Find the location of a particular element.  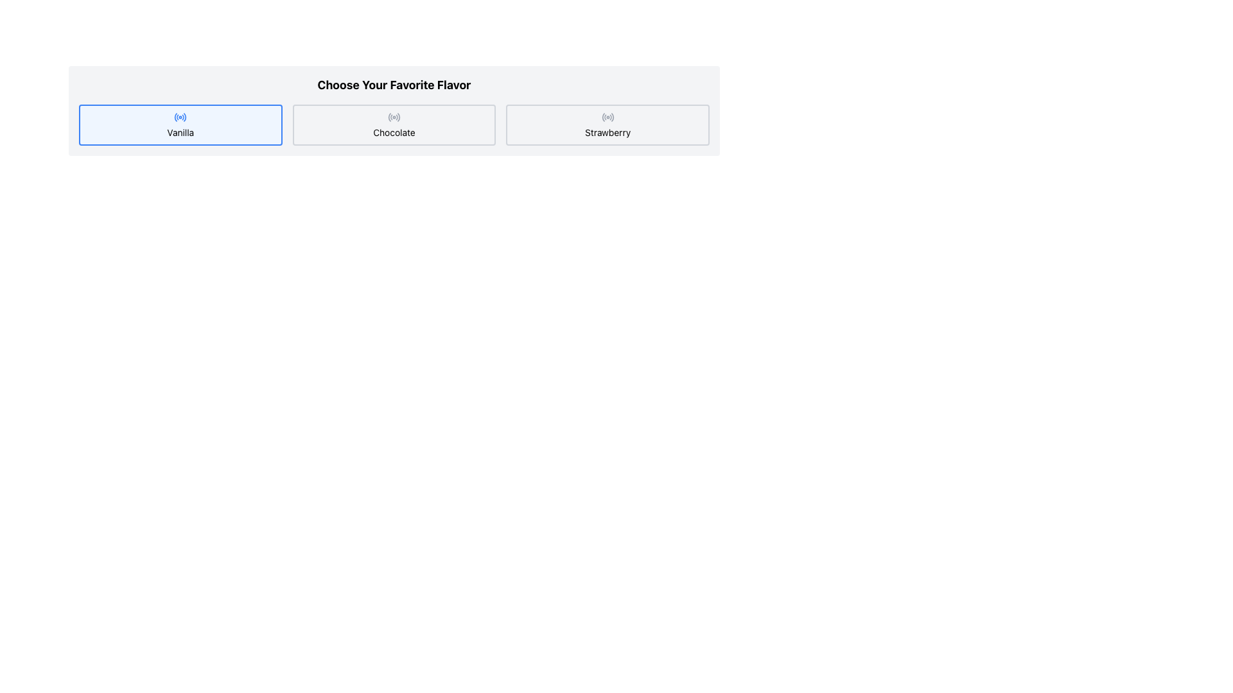

the 'Chocolate' button, which is a rectangular button with rounded corners, a gray border, and a centered text label reading 'Chocolate' with a radio button icon above it is located at coordinates (394, 125).